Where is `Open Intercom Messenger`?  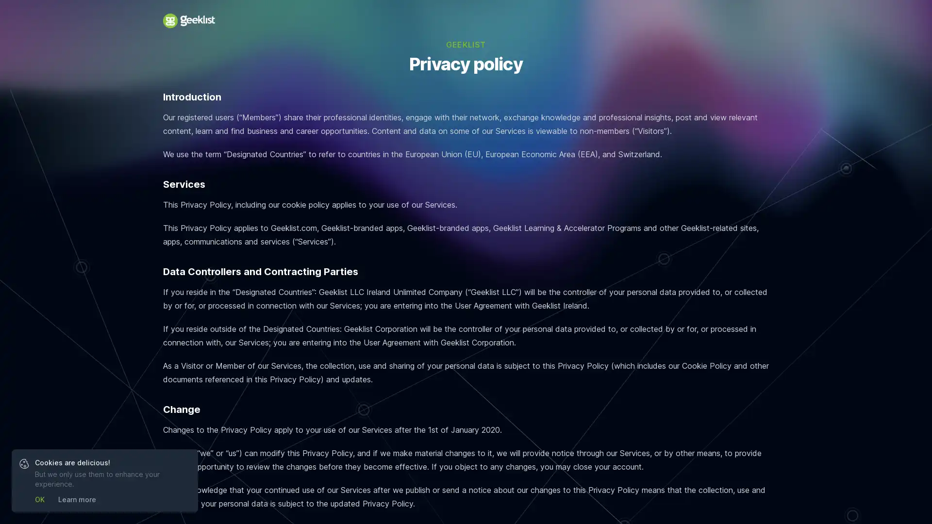
Open Intercom Messenger is located at coordinates (907, 499).